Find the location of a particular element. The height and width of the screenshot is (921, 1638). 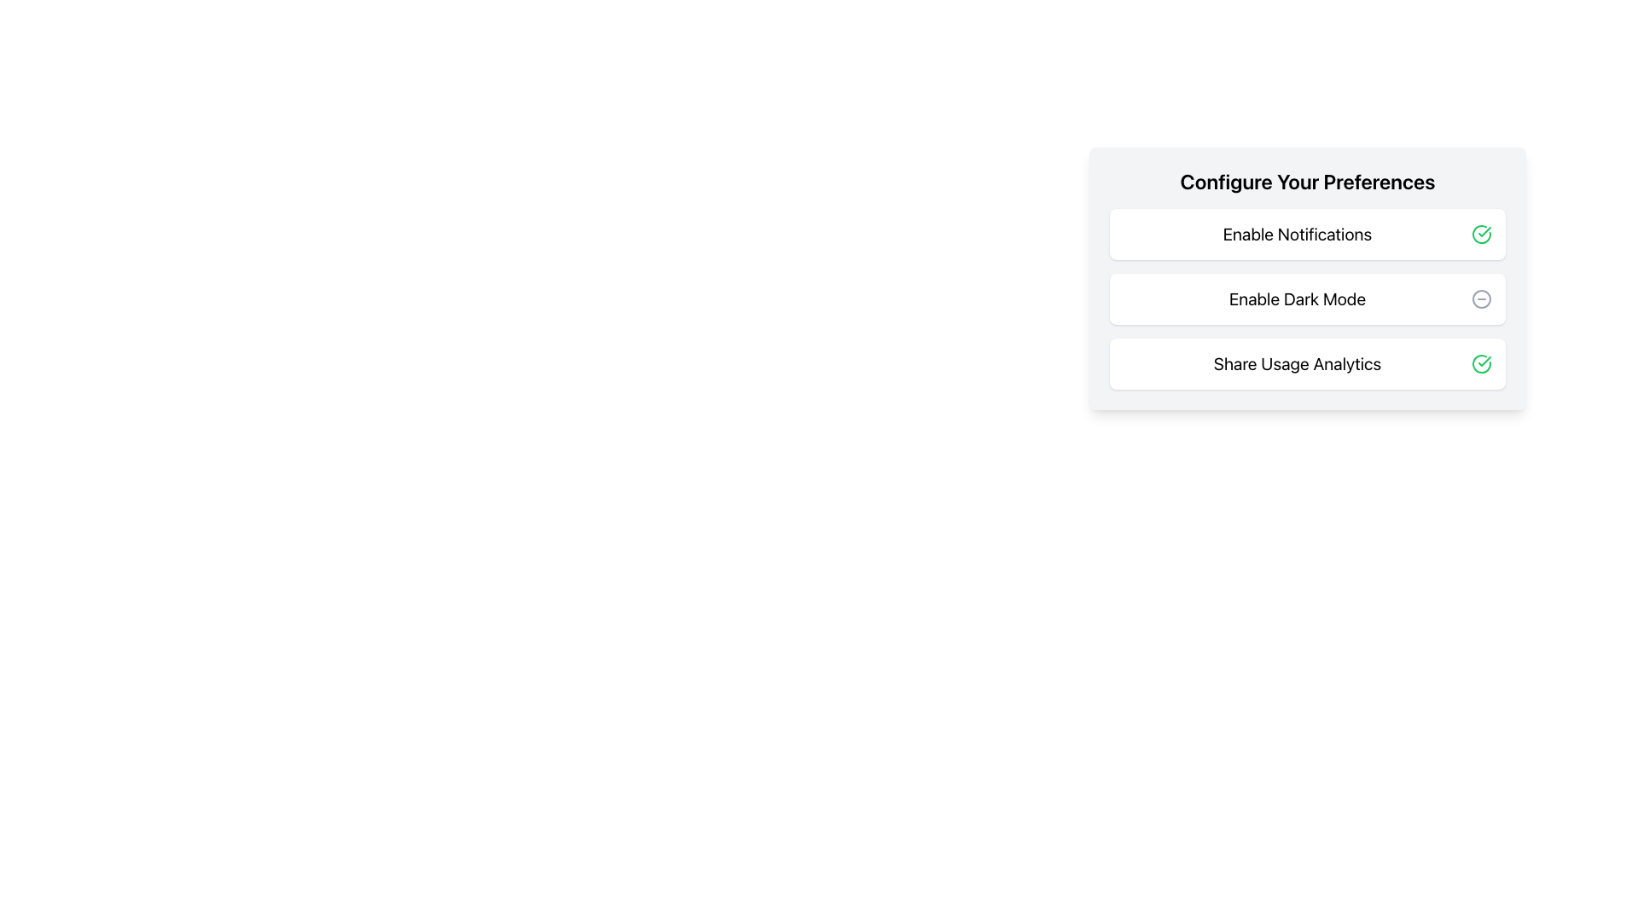

the outer circle of the SVG graphic associated with the 'Enable Dark Mode' label located on the second row of options is located at coordinates (1481, 298).